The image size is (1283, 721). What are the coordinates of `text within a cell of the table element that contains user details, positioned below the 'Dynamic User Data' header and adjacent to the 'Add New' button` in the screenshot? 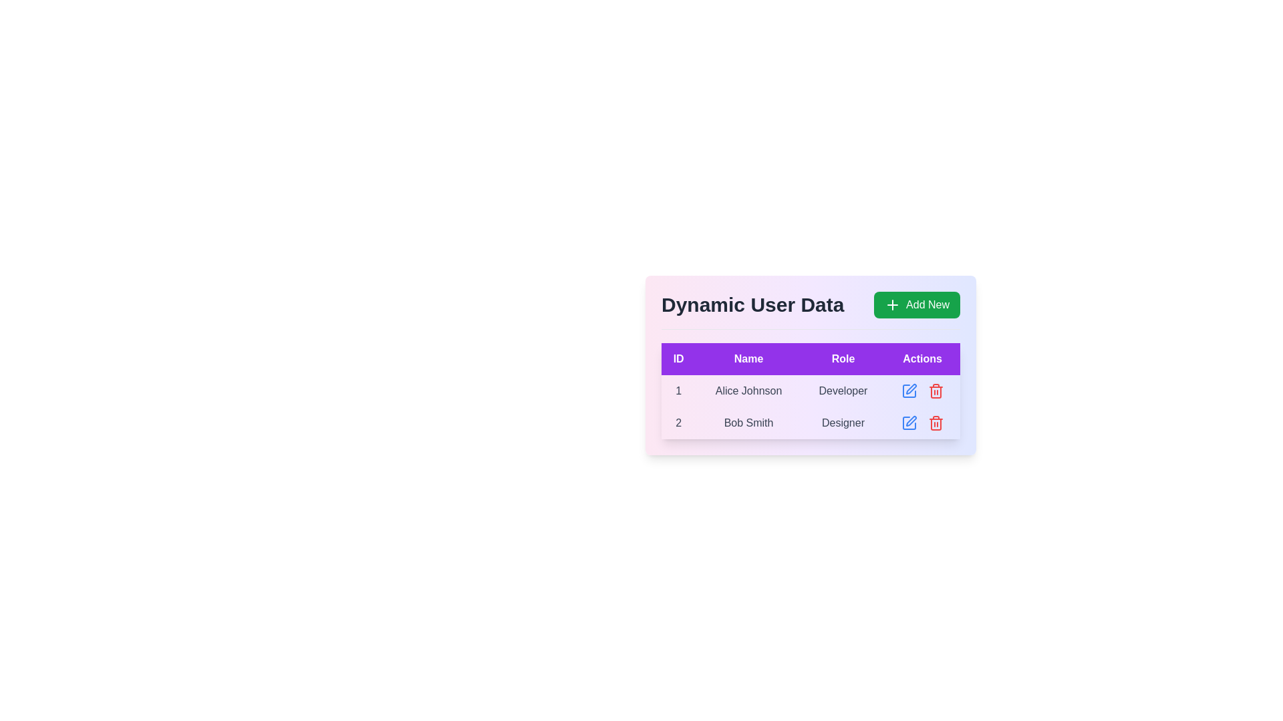 It's located at (810, 391).